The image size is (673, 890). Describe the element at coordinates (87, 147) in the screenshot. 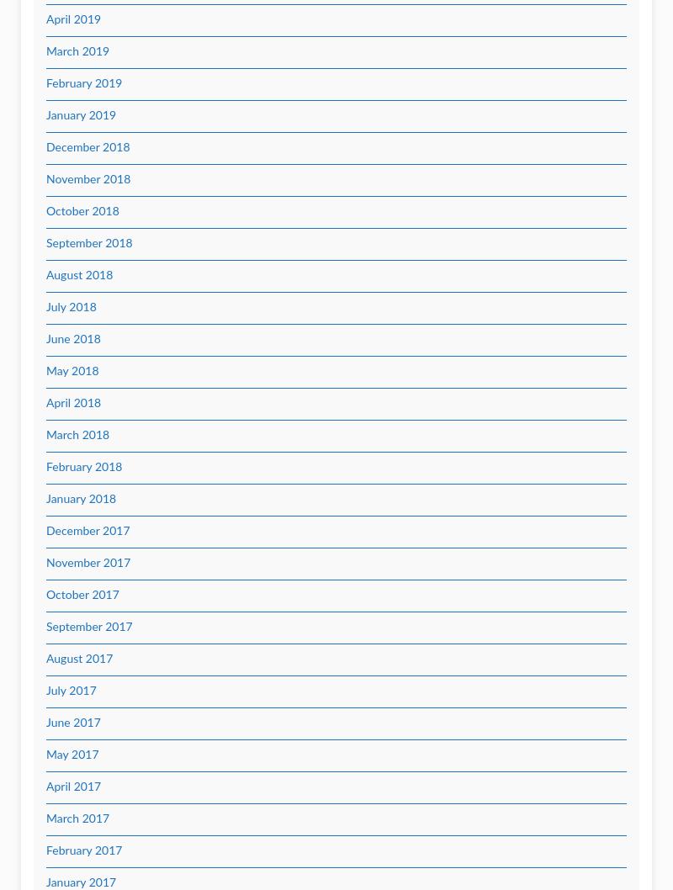

I see `'December 2018'` at that location.